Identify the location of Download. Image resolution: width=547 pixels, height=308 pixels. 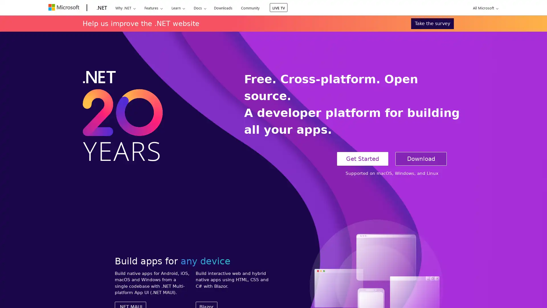
(421, 159).